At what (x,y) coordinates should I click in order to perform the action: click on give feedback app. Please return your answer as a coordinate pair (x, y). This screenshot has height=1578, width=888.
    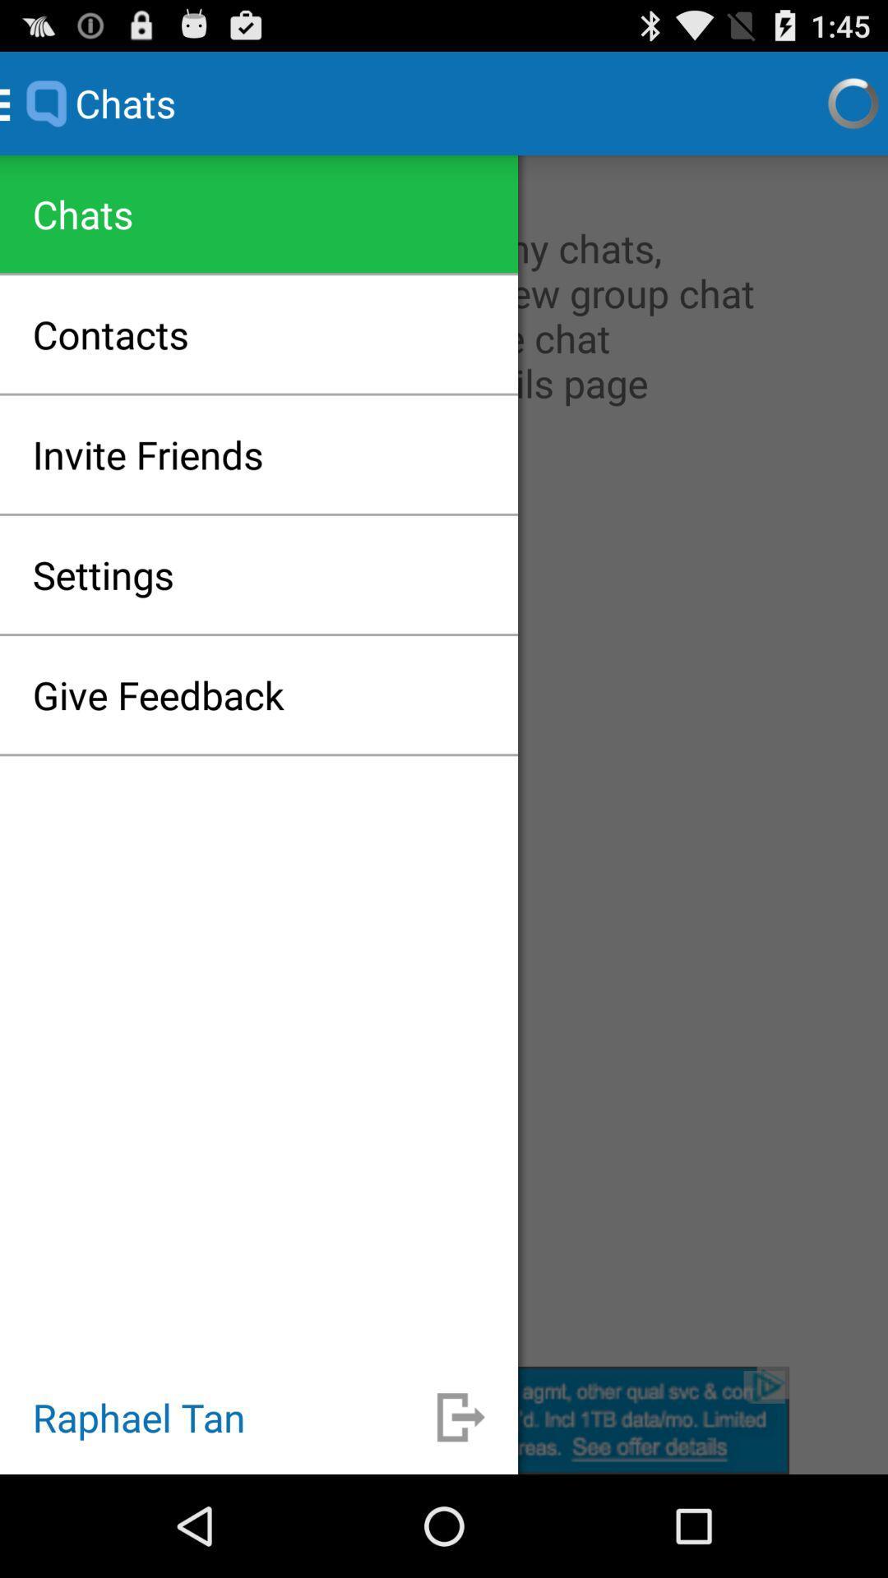
    Looking at the image, I should click on (158, 694).